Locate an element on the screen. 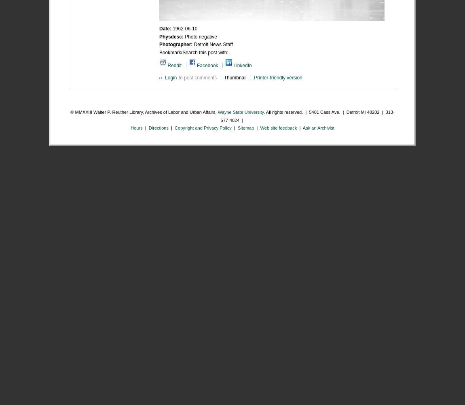 The width and height of the screenshot is (465, 405). 'Date:' is located at coordinates (159, 28).